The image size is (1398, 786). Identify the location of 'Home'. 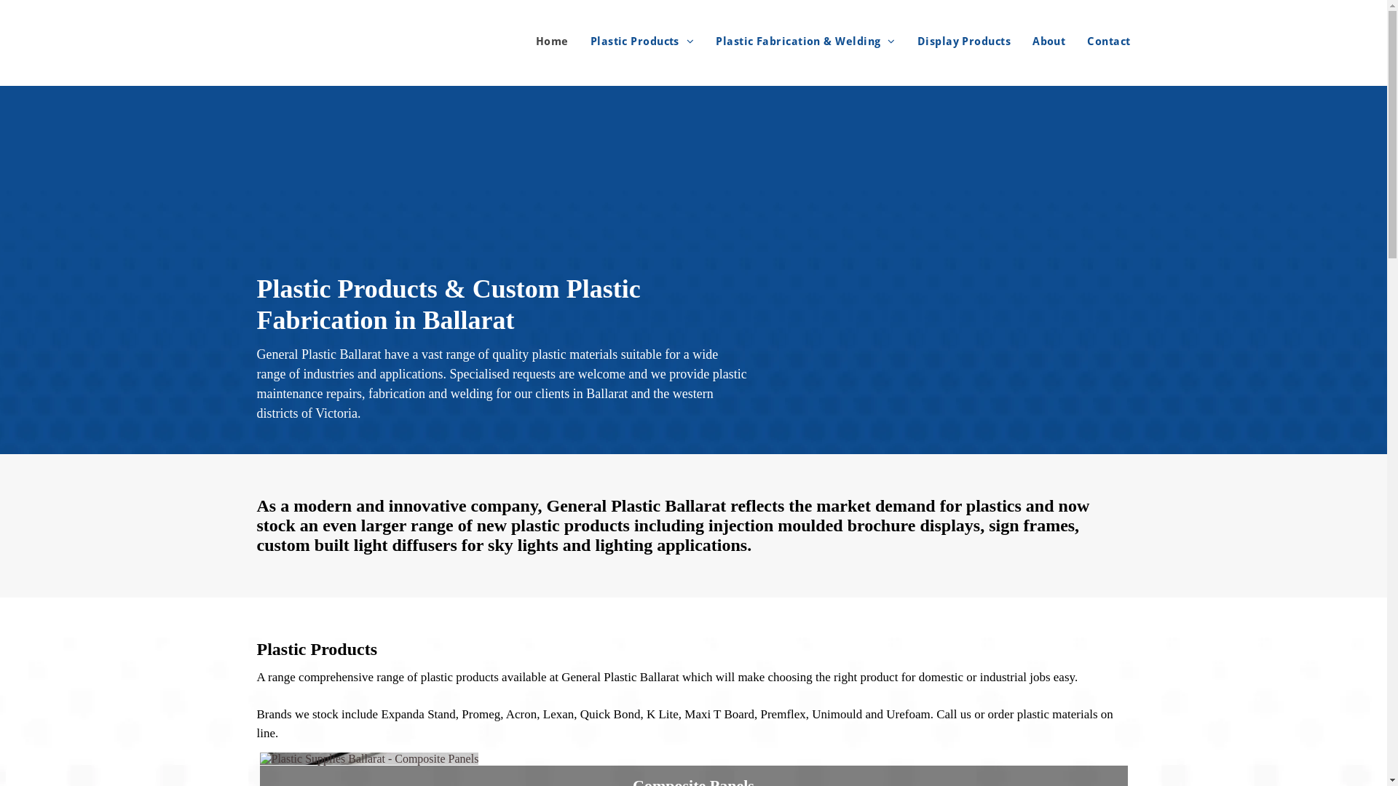
(540, 41).